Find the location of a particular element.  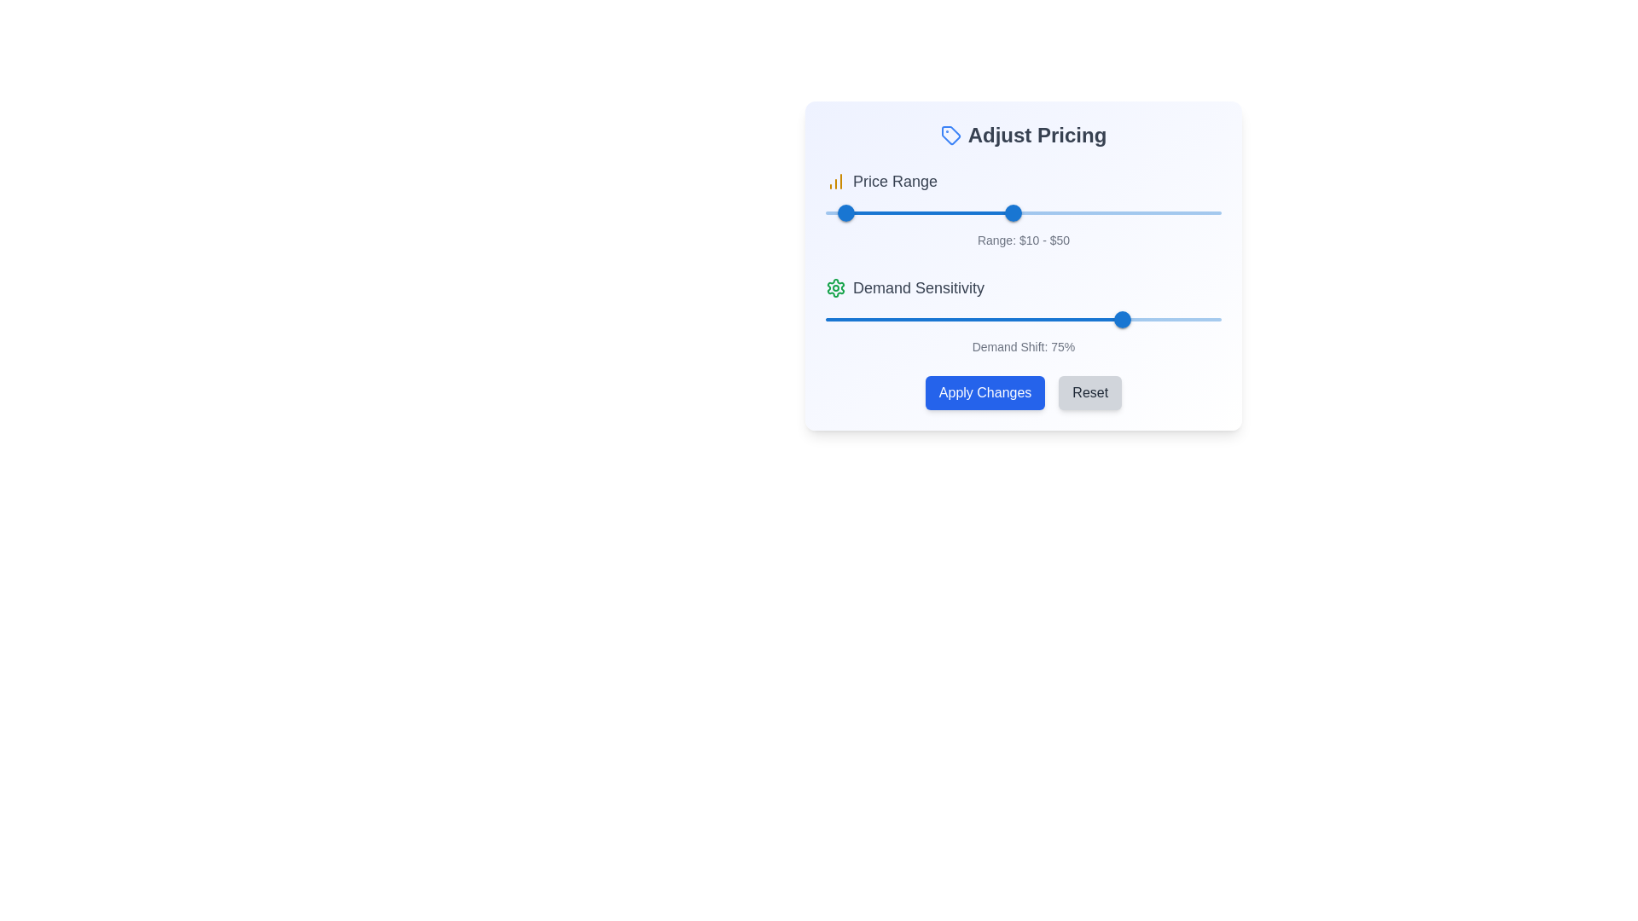

Demand Sensitivity is located at coordinates (920, 319).